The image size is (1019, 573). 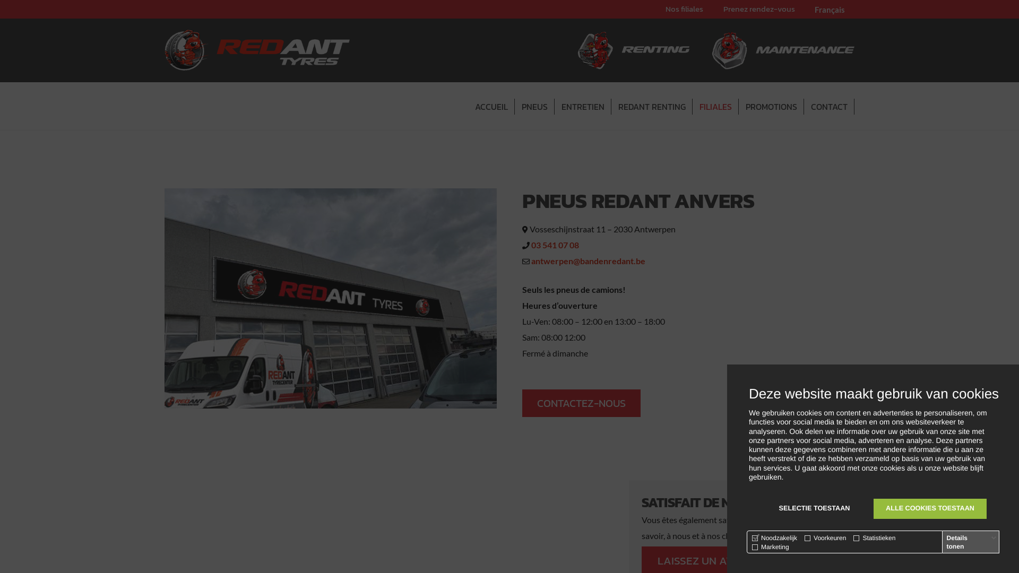 What do you see at coordinates (828, 106) in the screenshot?
I see `'CONTACT'` at bounding box center [828, 106].